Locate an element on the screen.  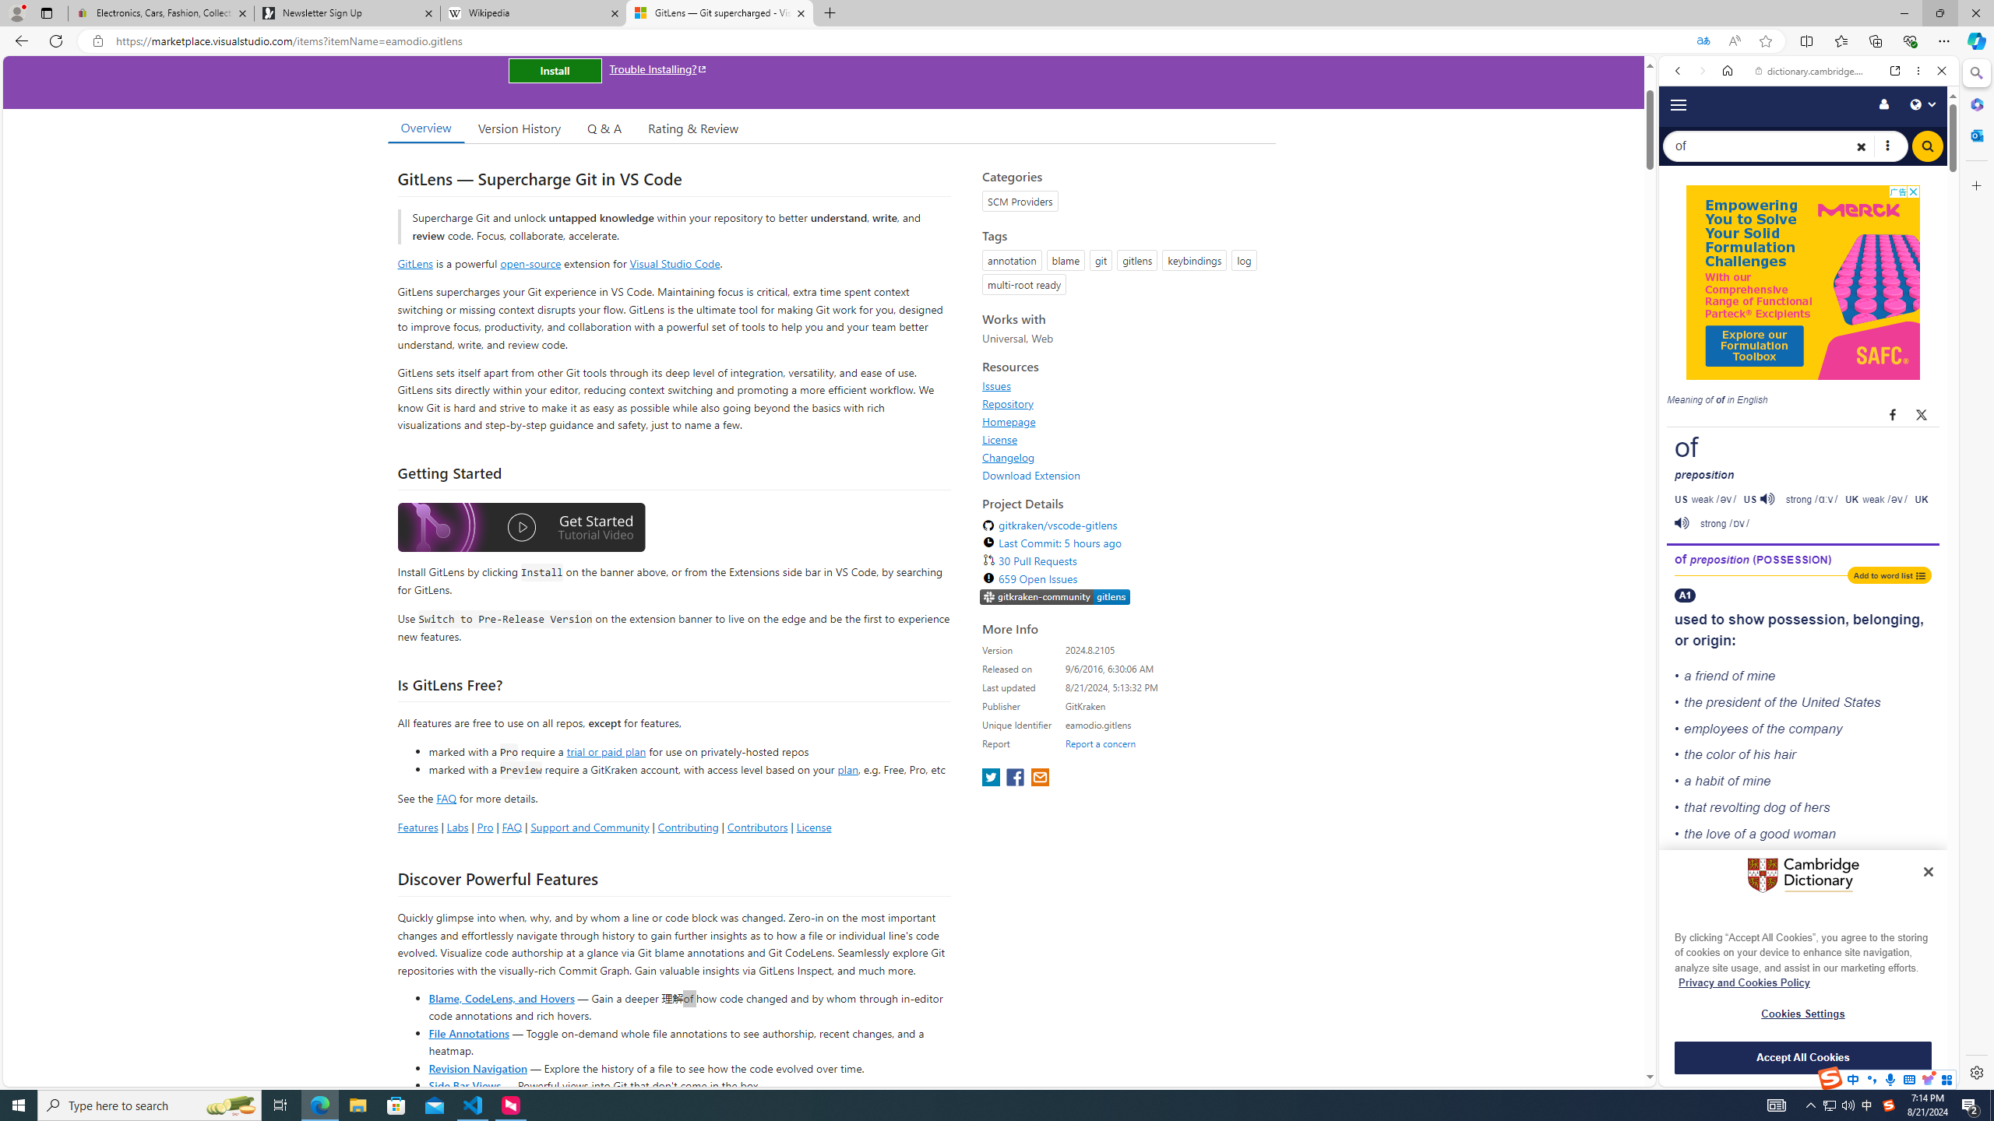
'hair' is located at coordinates (1784, 754).